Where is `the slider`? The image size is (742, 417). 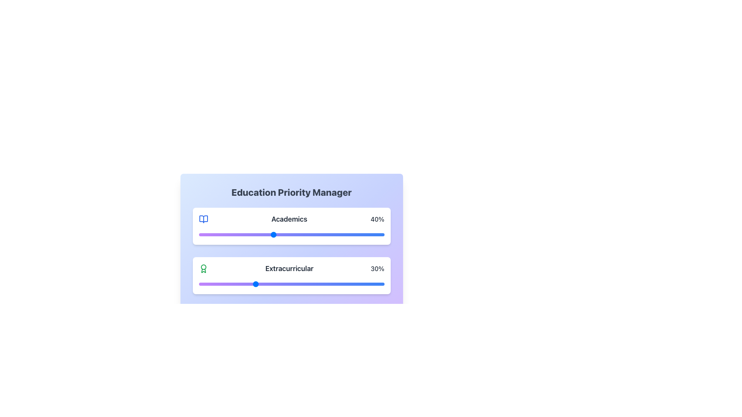
the slider is located at coordinates (298, 284).